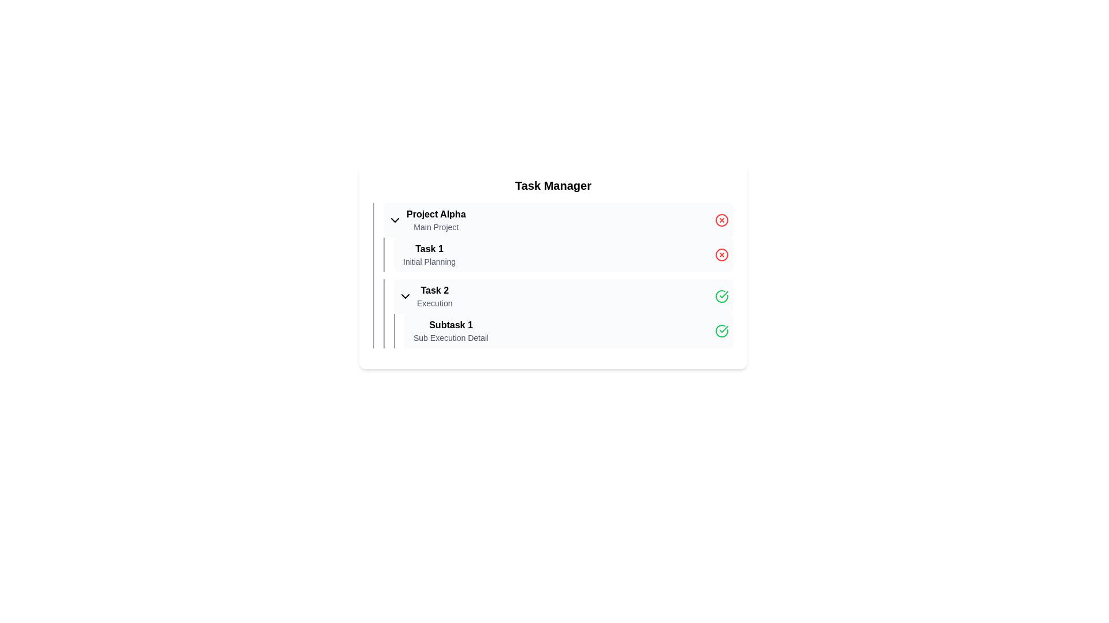 Image resolution: width=1109 pixels, height=623 pixels. What do you see at coordinates (434, 302) in the screenshot?
I see `the text label displaying 'Execution', which is styled with gray color and positioned directly below 'Task 2'` at bounding box center [434, 302].